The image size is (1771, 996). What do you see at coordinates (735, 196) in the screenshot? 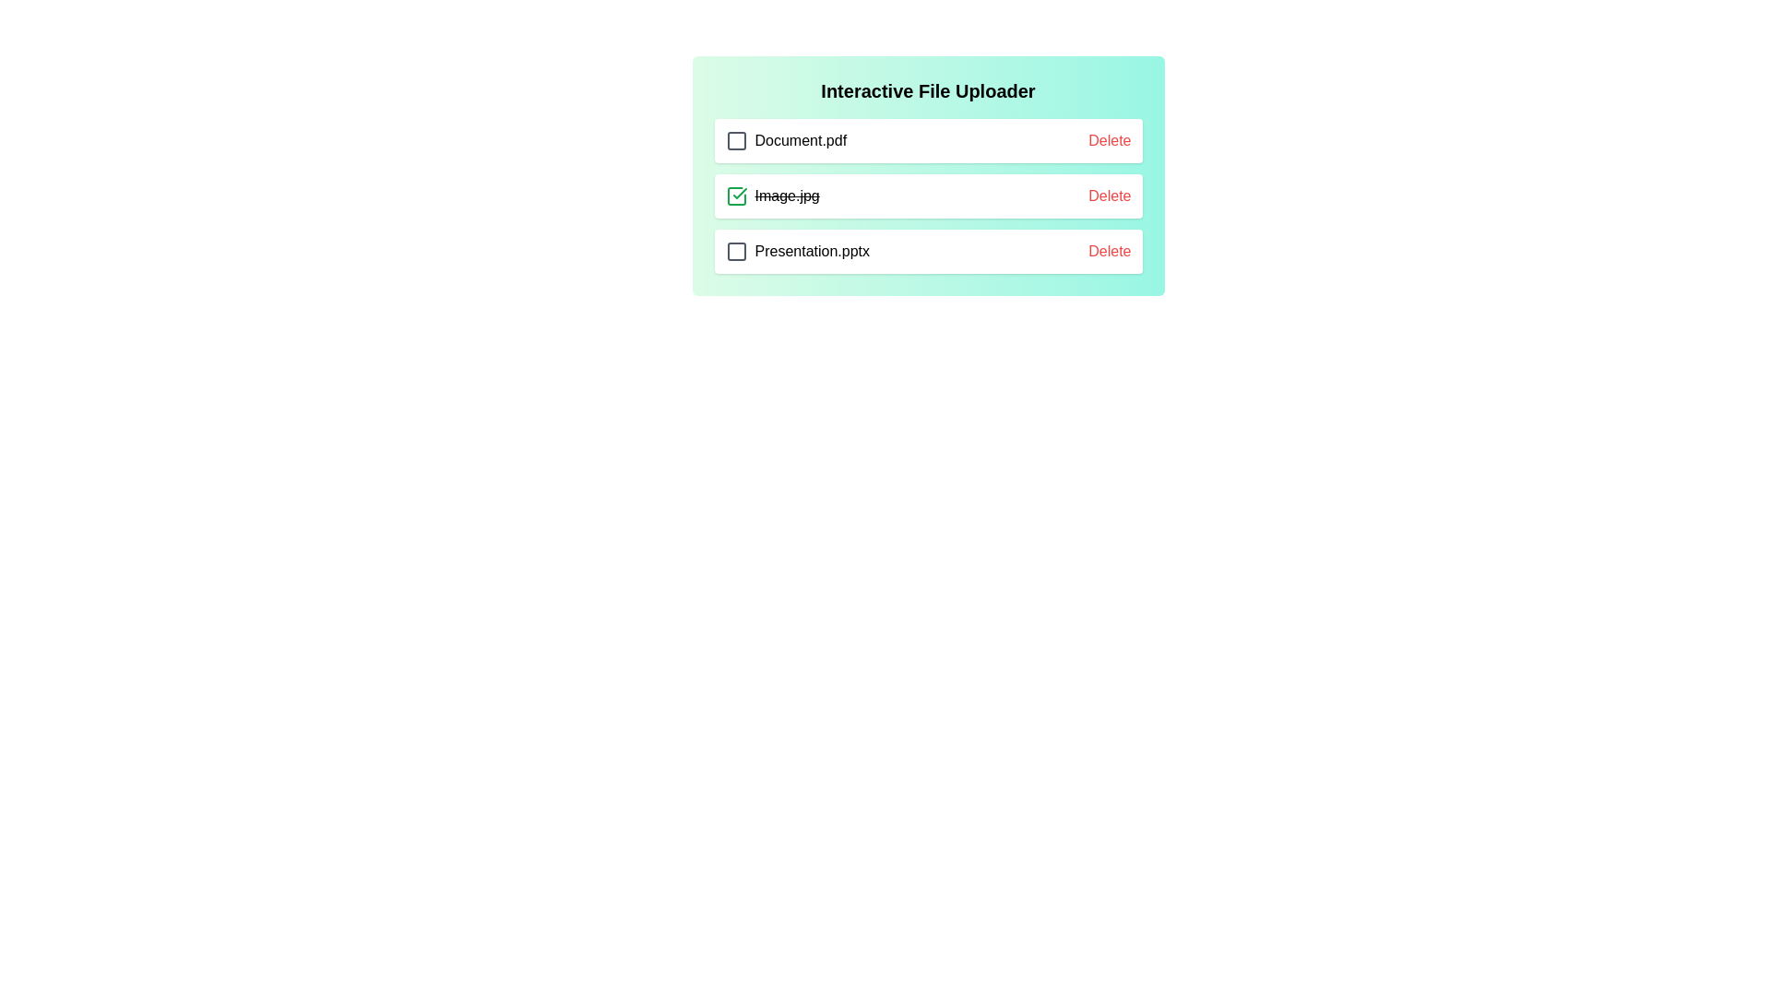
I see `the checkbox for the file Image.jpg` at bounding box center [735, 196].